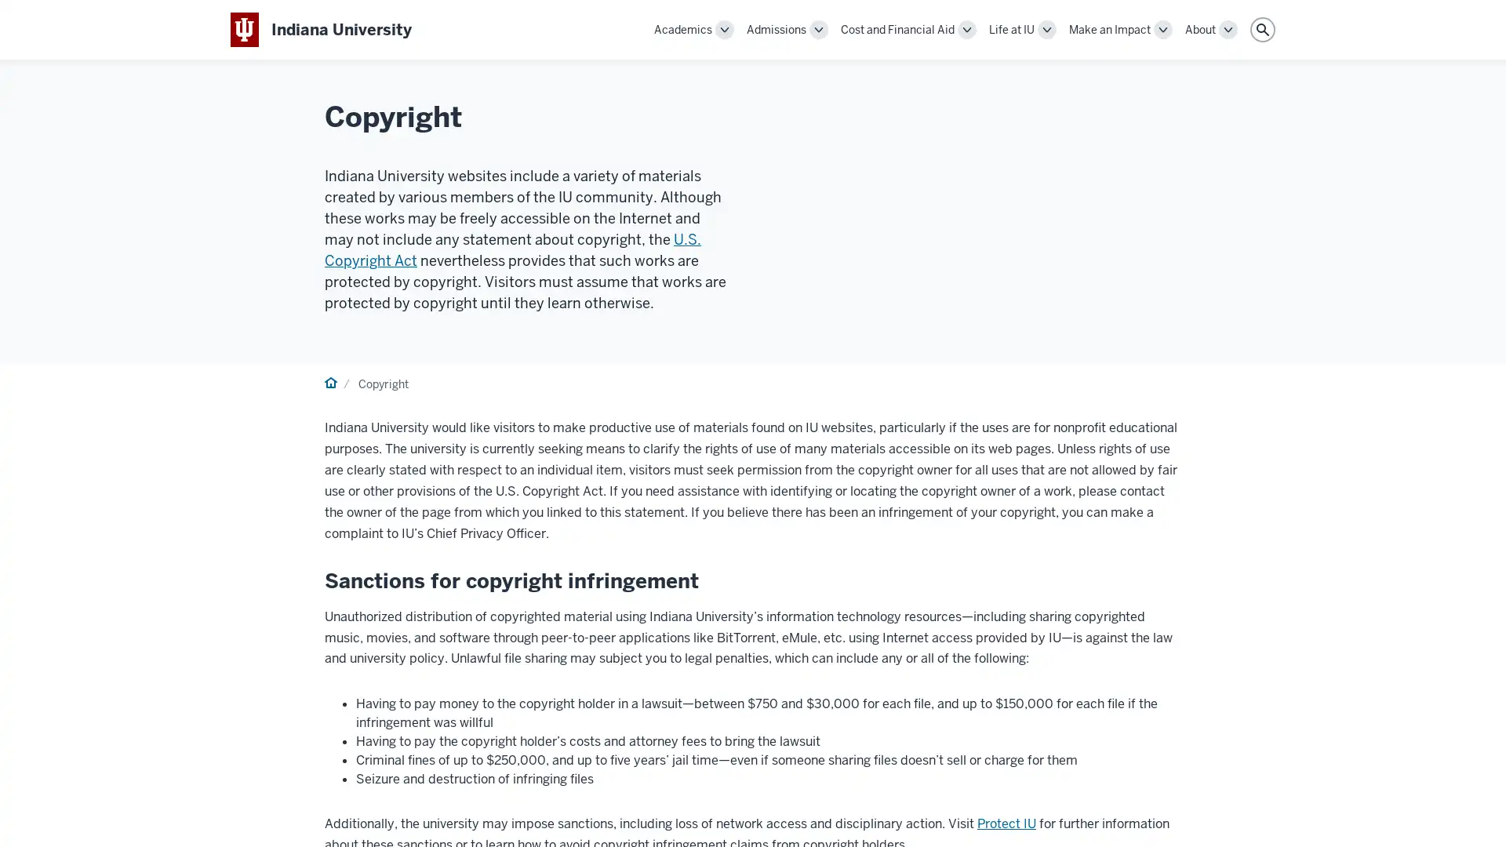  What do you see at coordinates (1262, 30) in the screenshot?
I see `Search` at bounding box center [1262, 30].